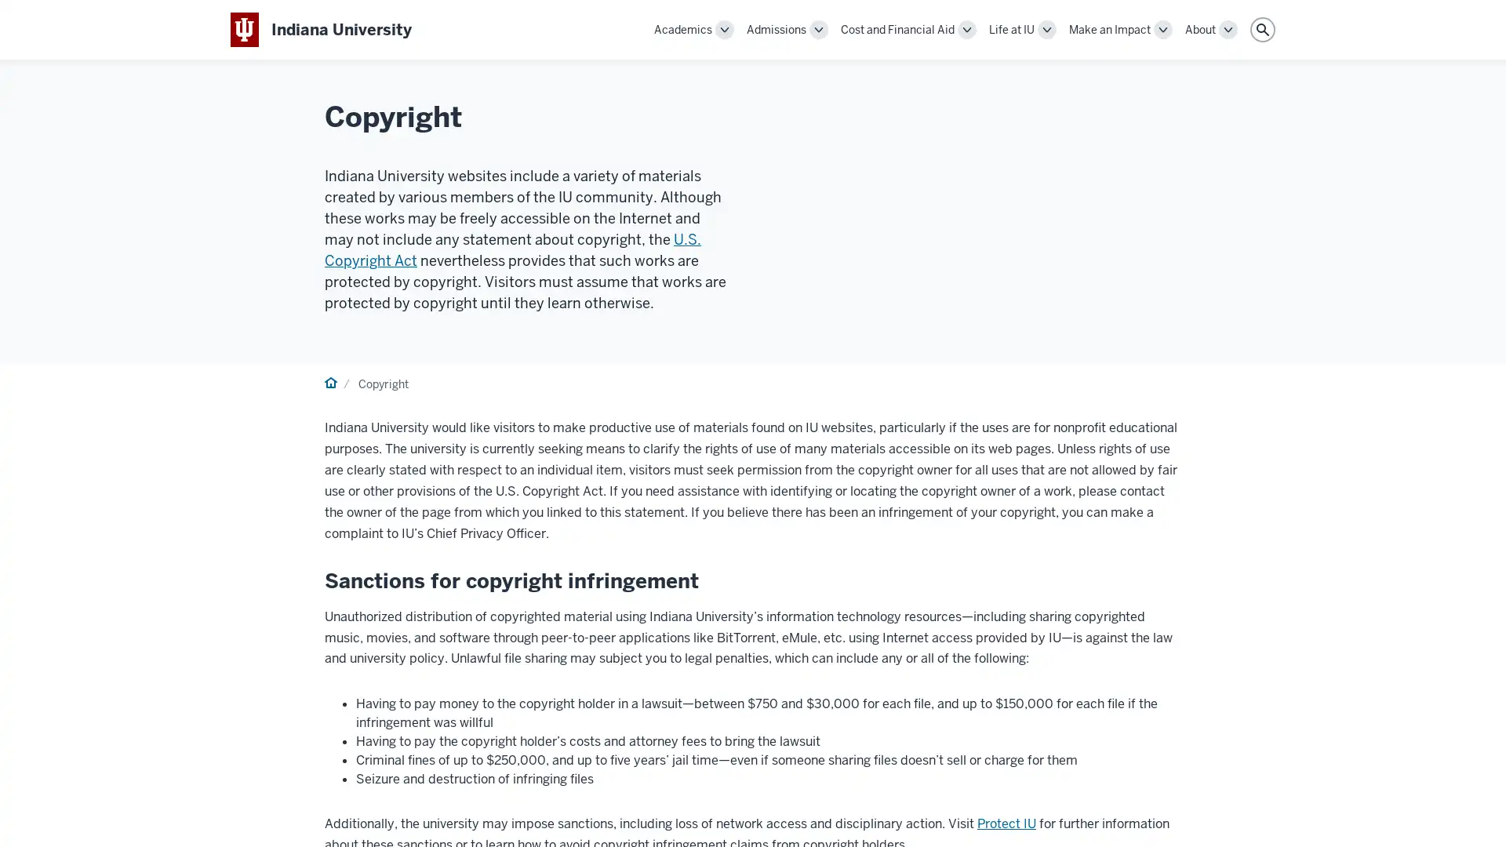  What do you see at coordinates (1262, 30) in the screenshot?
I see `Search` at bounding box center [1262, 30].